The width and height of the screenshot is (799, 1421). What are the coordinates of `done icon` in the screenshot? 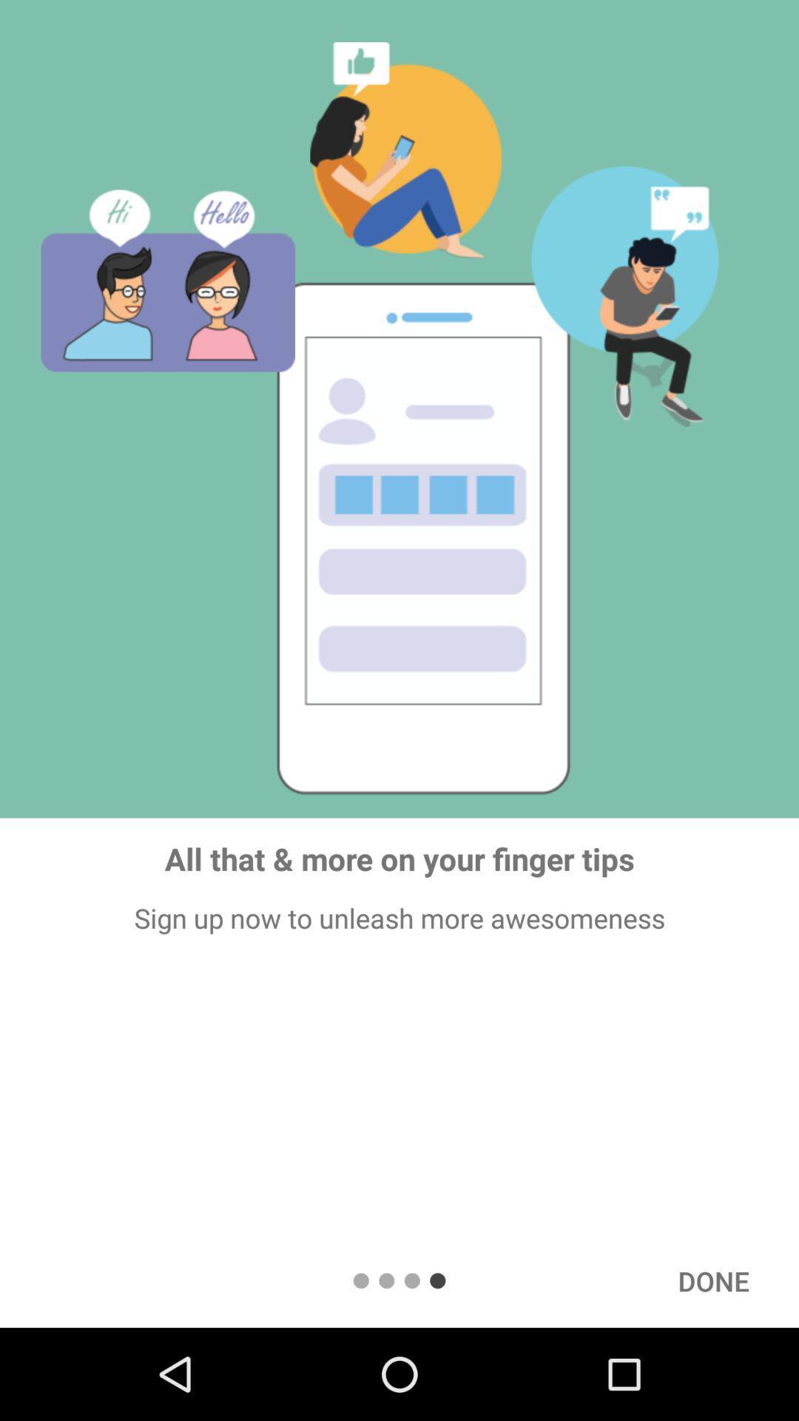 It's located at (712, 1280).